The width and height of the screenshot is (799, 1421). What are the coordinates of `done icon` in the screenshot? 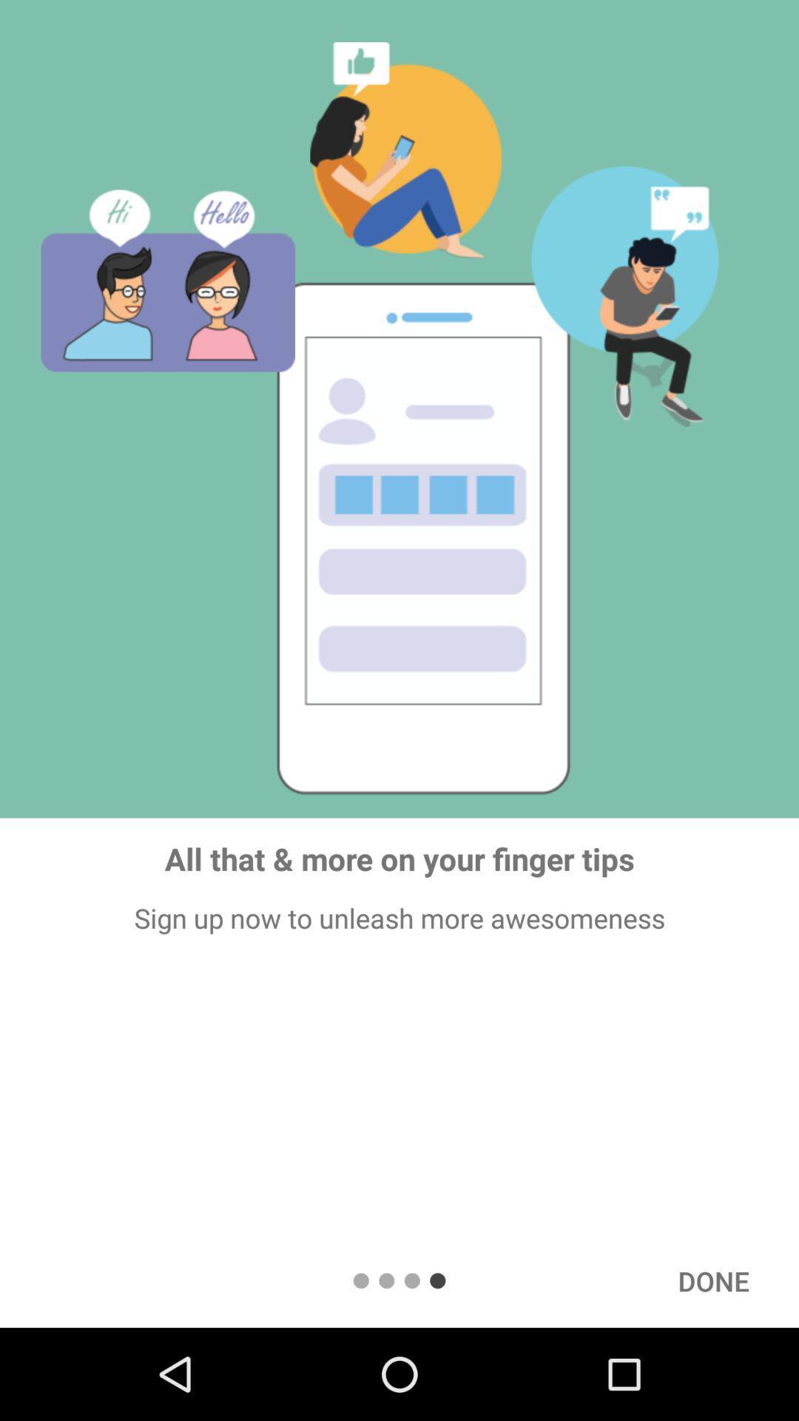 It's located at (712, 1280).